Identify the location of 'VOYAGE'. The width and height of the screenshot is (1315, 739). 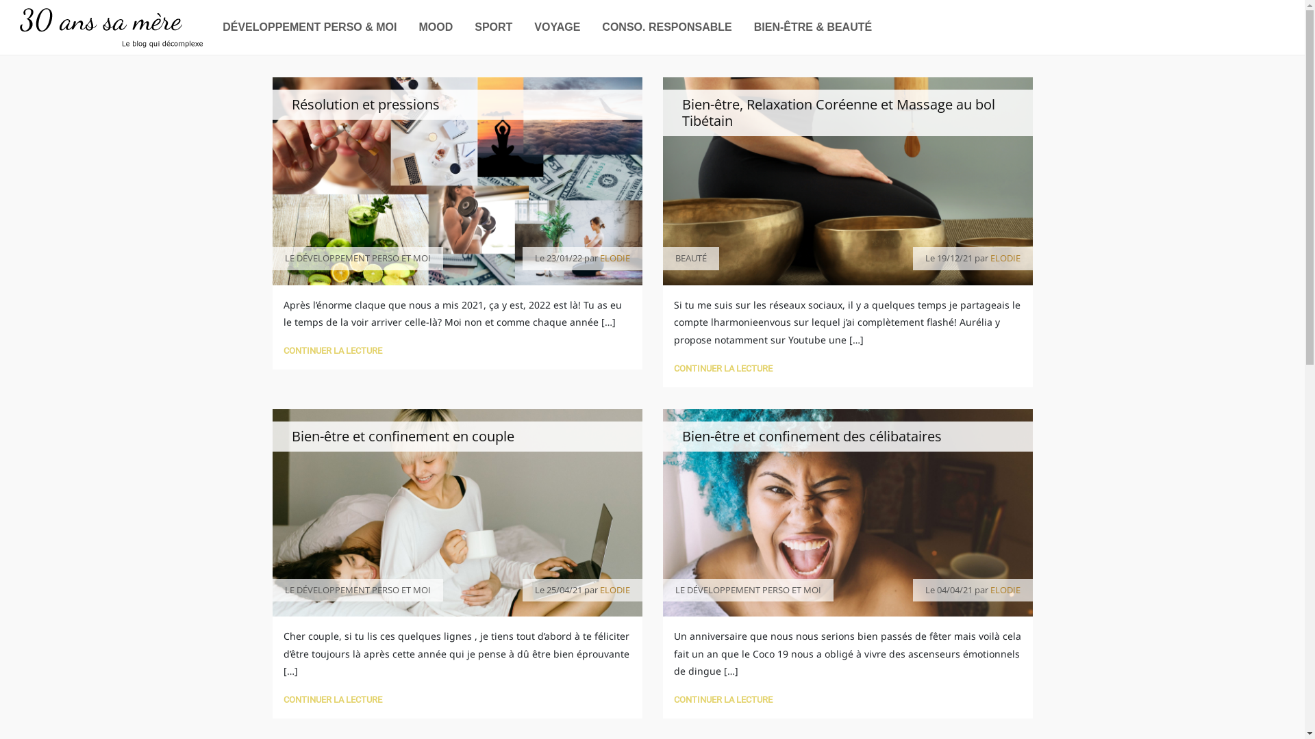
(557, 27).